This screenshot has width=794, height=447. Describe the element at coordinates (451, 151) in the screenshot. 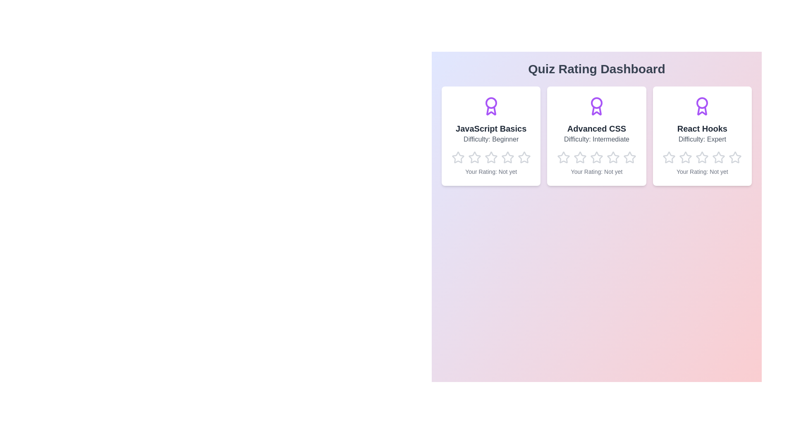

I see `the star corresponding to the rating 1 for the quiz JavaScript Basics` at that location.